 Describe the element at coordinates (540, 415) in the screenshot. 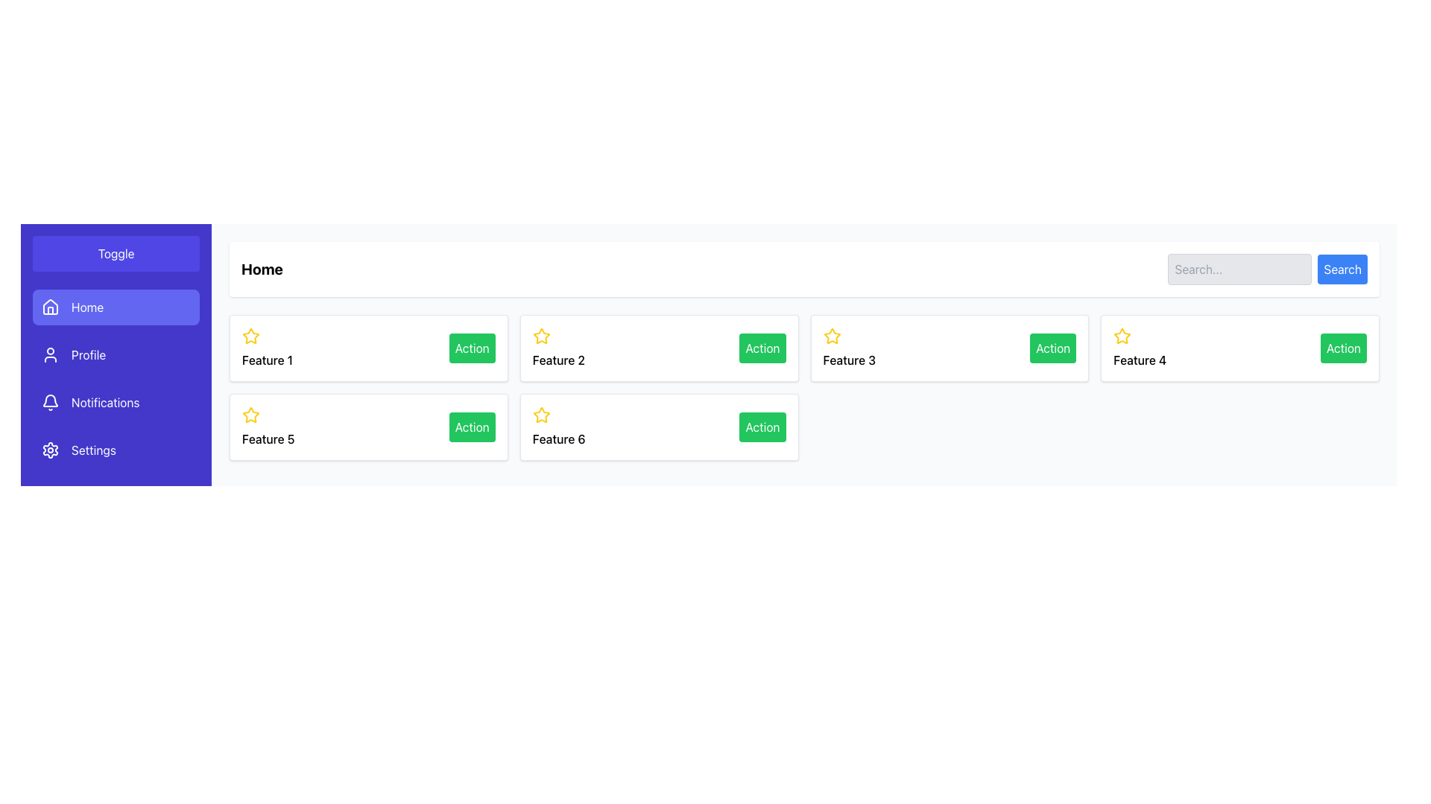

I see `the star icon in the bottom row of the grid layout, located in the second column from the left` at that location.